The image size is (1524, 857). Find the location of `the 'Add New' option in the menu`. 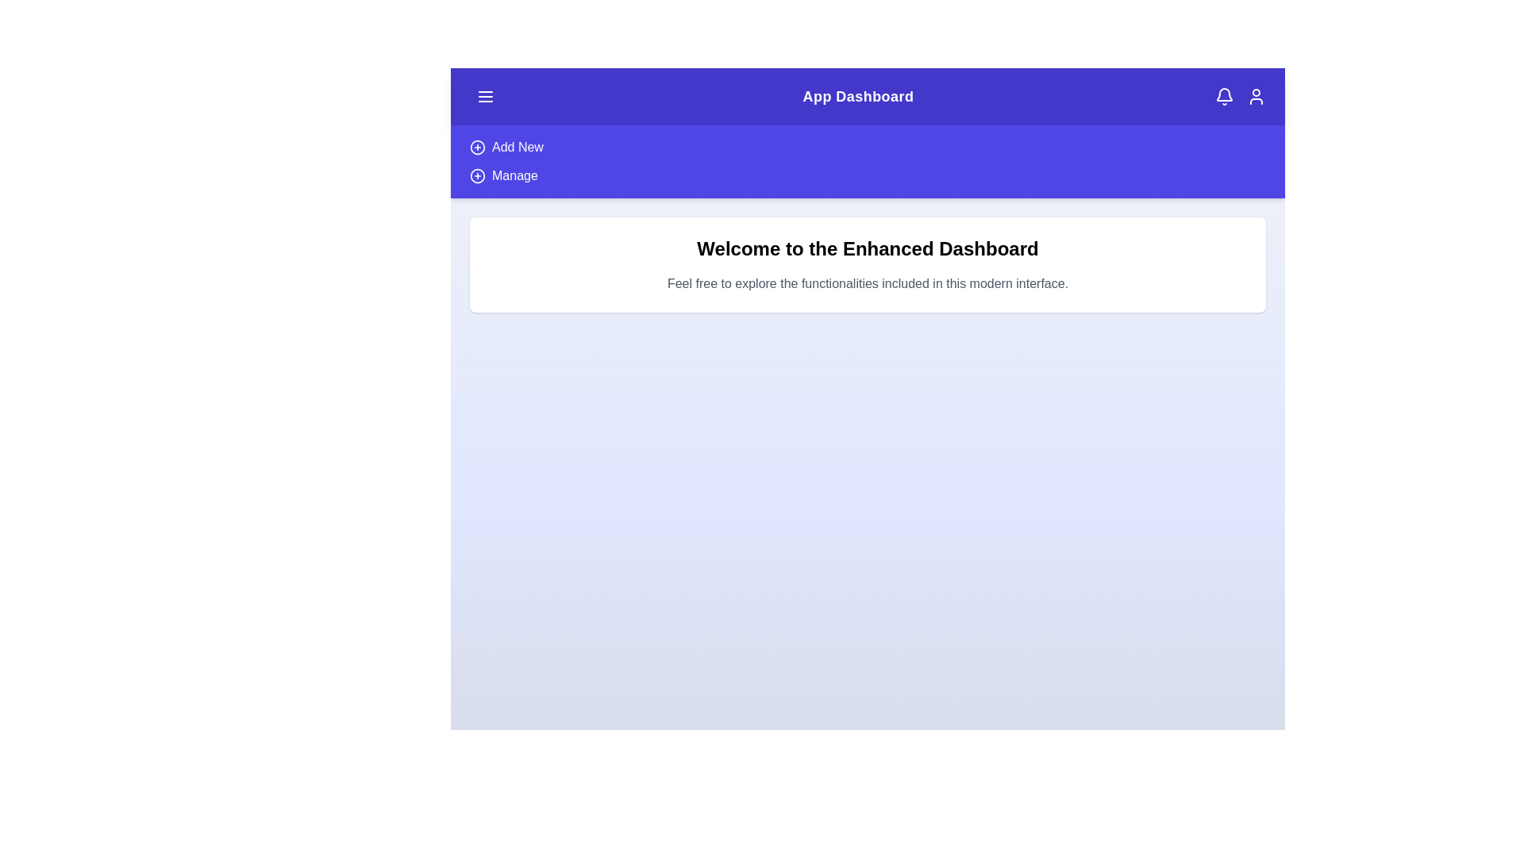

the 'Add New' option in the menu is located at coordinates (476, 147).